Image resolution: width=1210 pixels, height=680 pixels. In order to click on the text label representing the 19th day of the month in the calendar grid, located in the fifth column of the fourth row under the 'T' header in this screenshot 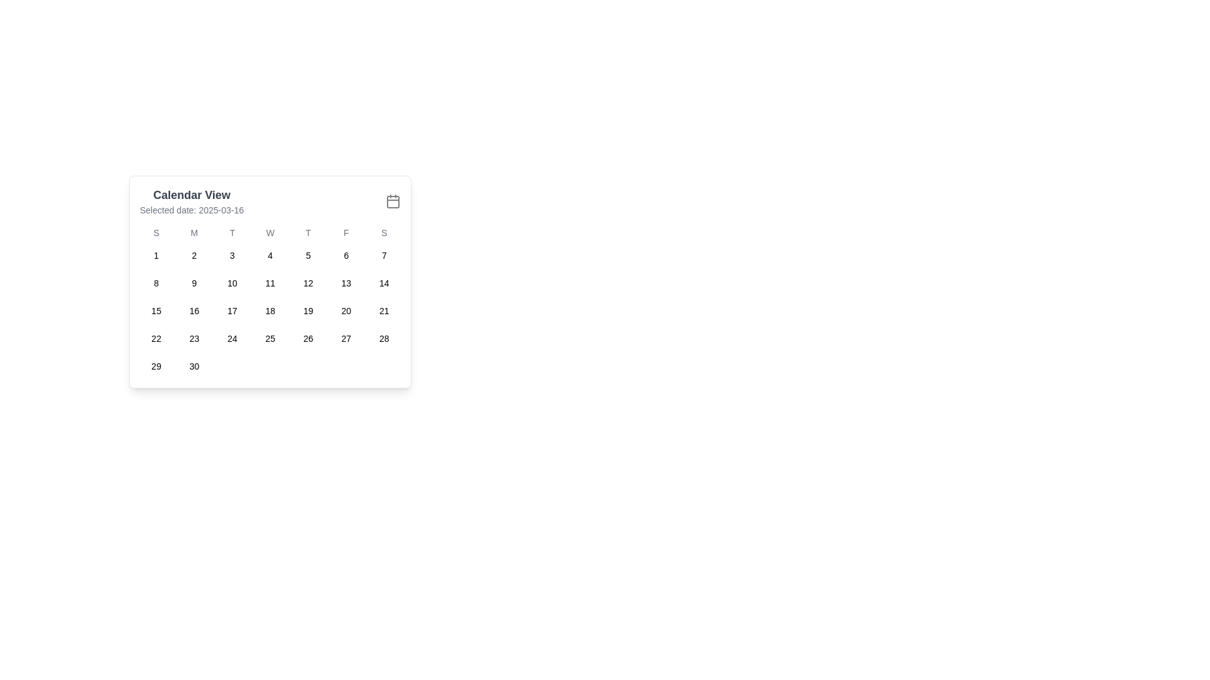, I will do `click(308, 310)`.